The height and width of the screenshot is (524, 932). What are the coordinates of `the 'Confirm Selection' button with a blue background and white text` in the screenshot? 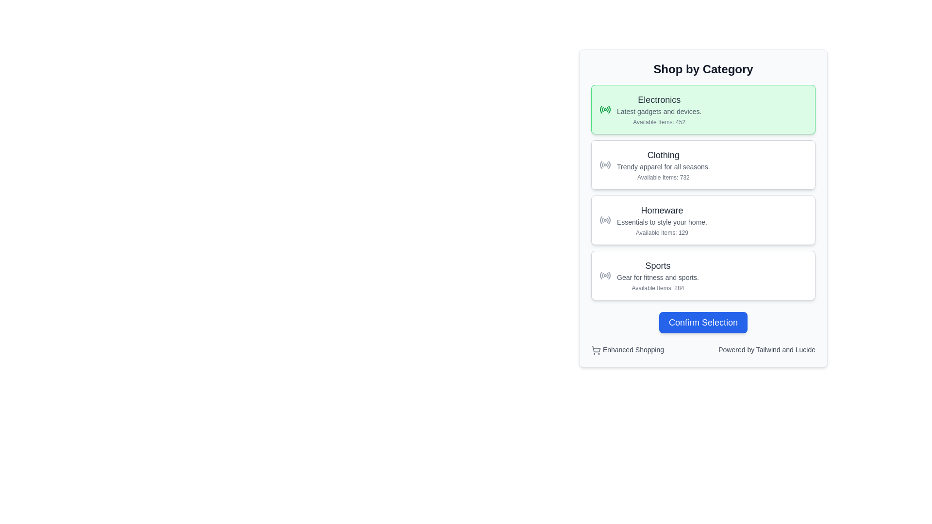 It's located at (703, 322).